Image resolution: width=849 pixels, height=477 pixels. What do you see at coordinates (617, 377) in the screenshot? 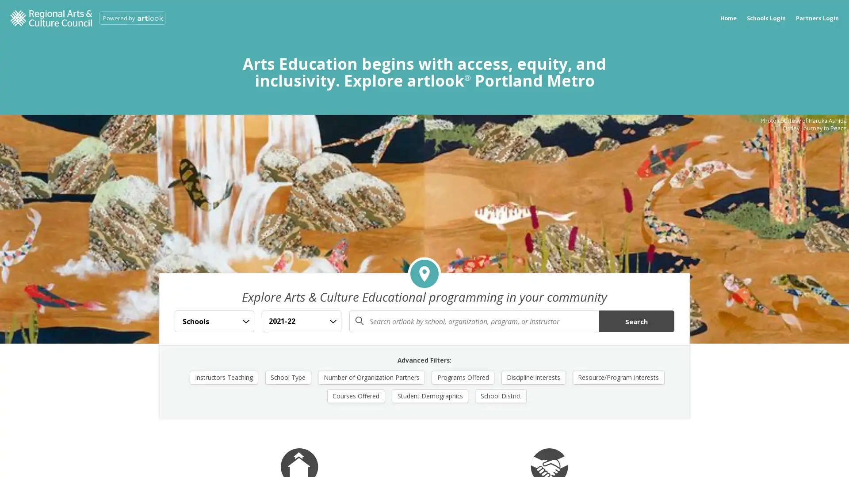
I see `Resource/Program Interests` at bounding box center [617, 377].